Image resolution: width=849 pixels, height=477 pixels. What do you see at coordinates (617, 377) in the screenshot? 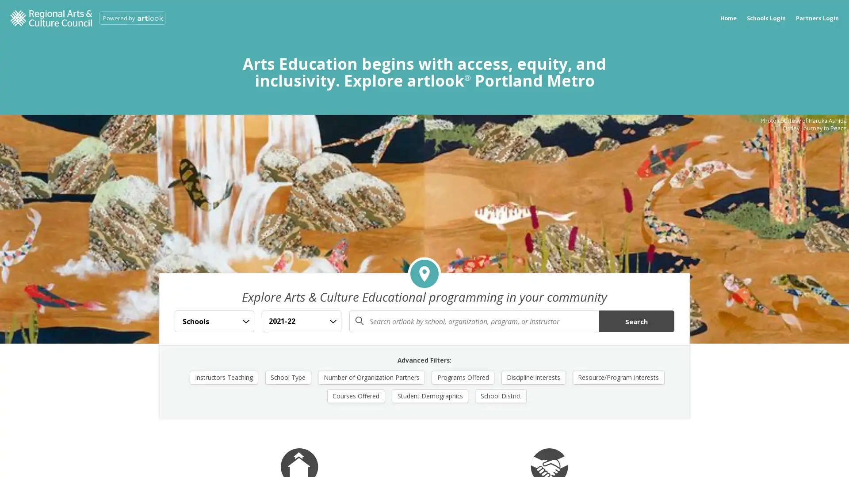
I see `Resource/Program Interests` at bounding box center [617, 377].